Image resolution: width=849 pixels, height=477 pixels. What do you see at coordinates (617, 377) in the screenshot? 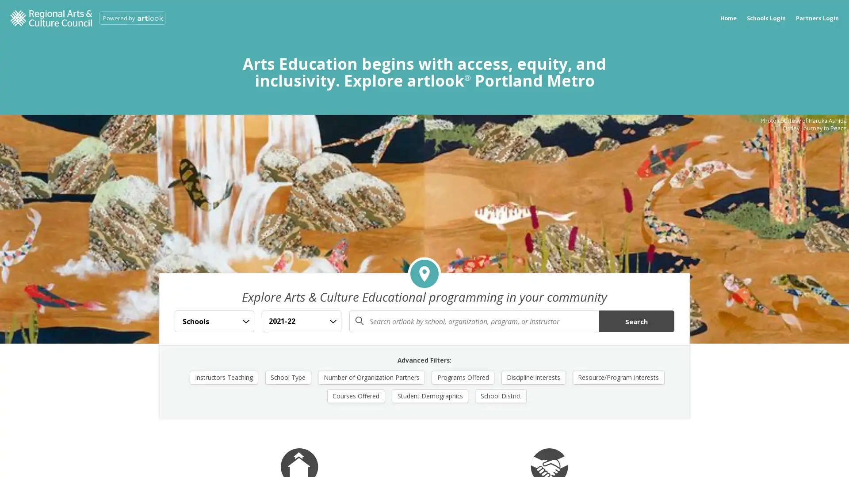
I see `Resource/Program Interests` at bounding box center [617, 377].